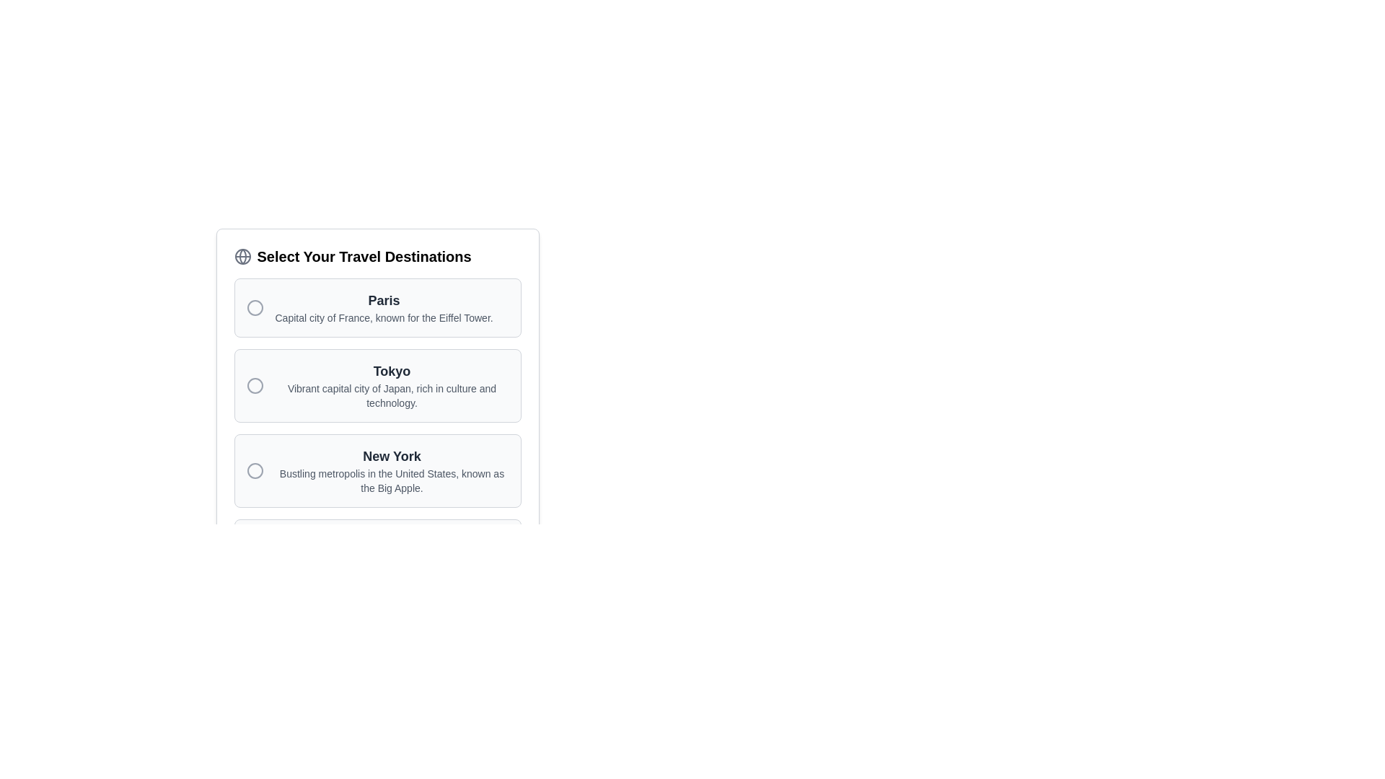 The height and width of the screenshot is (779, 1385). What do you see at coordinates (392, 481) in the screenshot?
I see `the descriptive text label located beneath the 'New York' travel destination option in the fourth selection group` at bounding box center [392, 481].